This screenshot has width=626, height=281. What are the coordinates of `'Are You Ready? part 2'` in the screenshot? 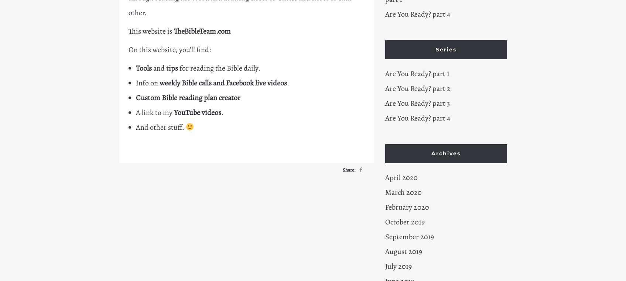 It's located at (417, 88).